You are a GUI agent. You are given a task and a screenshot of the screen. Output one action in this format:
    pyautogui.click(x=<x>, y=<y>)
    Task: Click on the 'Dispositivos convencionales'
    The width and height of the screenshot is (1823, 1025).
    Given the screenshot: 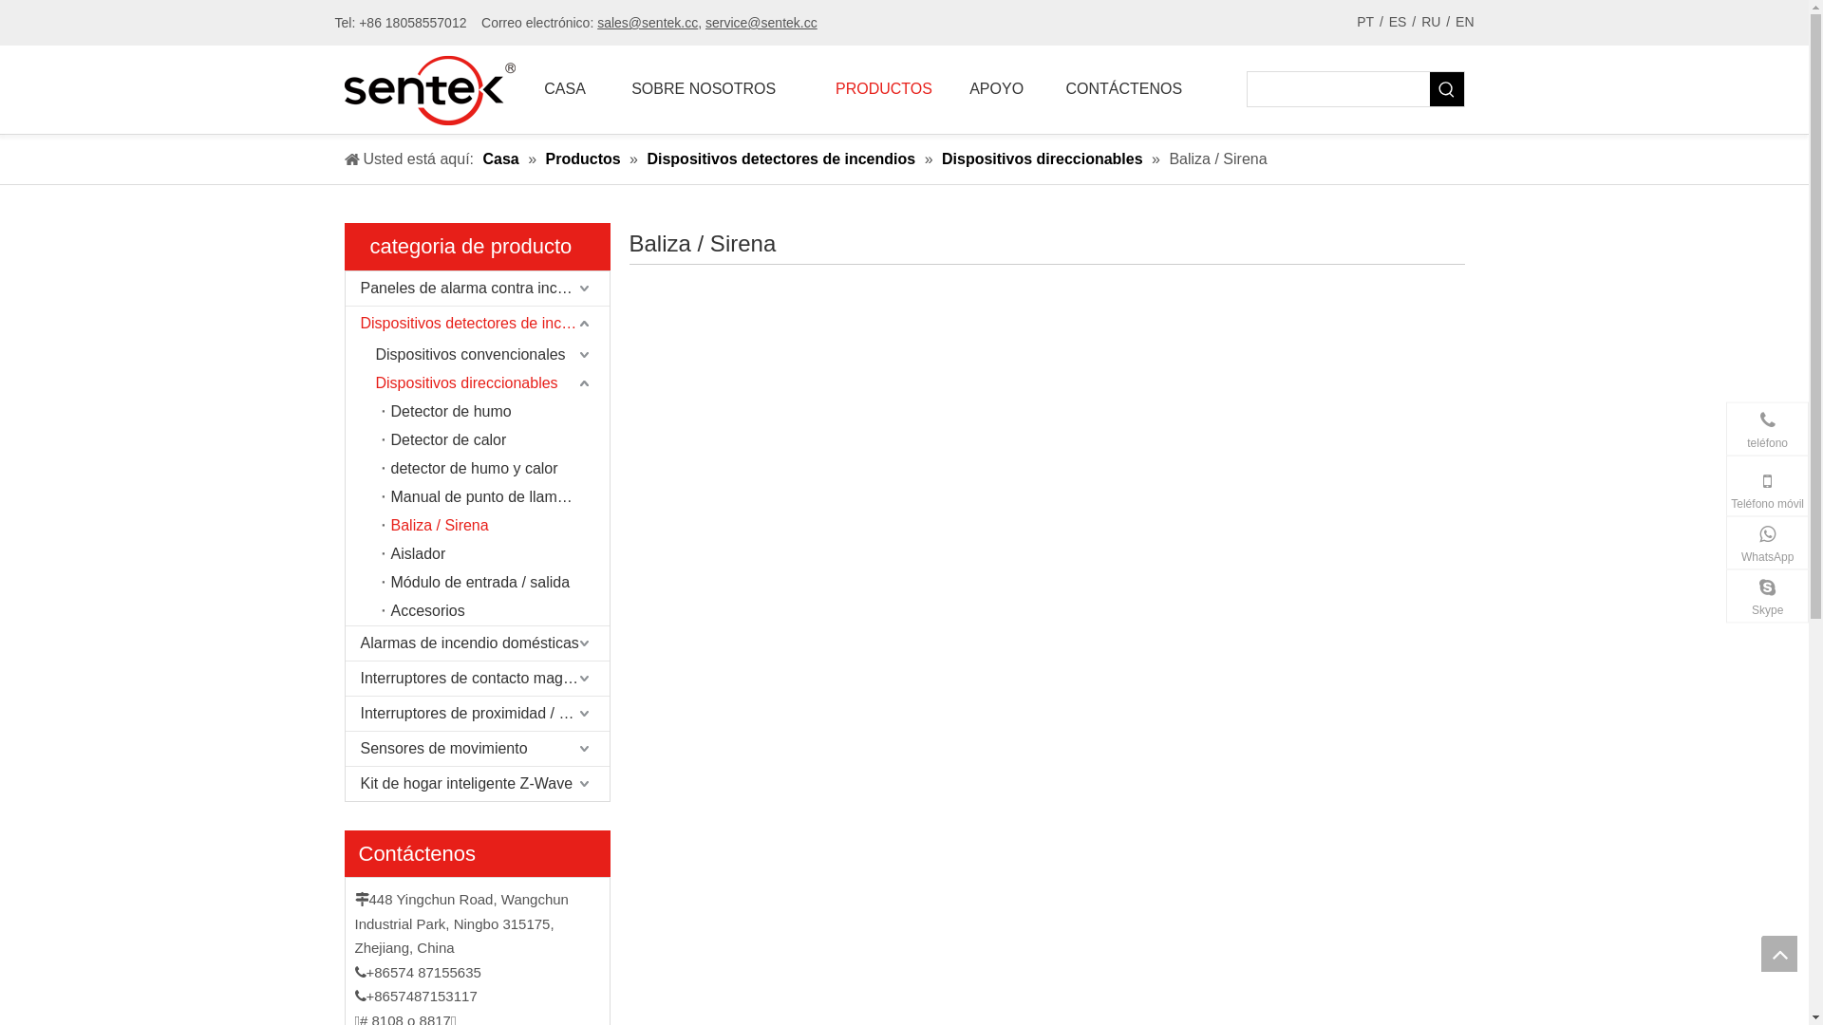 What is the action you would take?
    pyautogui.click(x=487, y=355)
    